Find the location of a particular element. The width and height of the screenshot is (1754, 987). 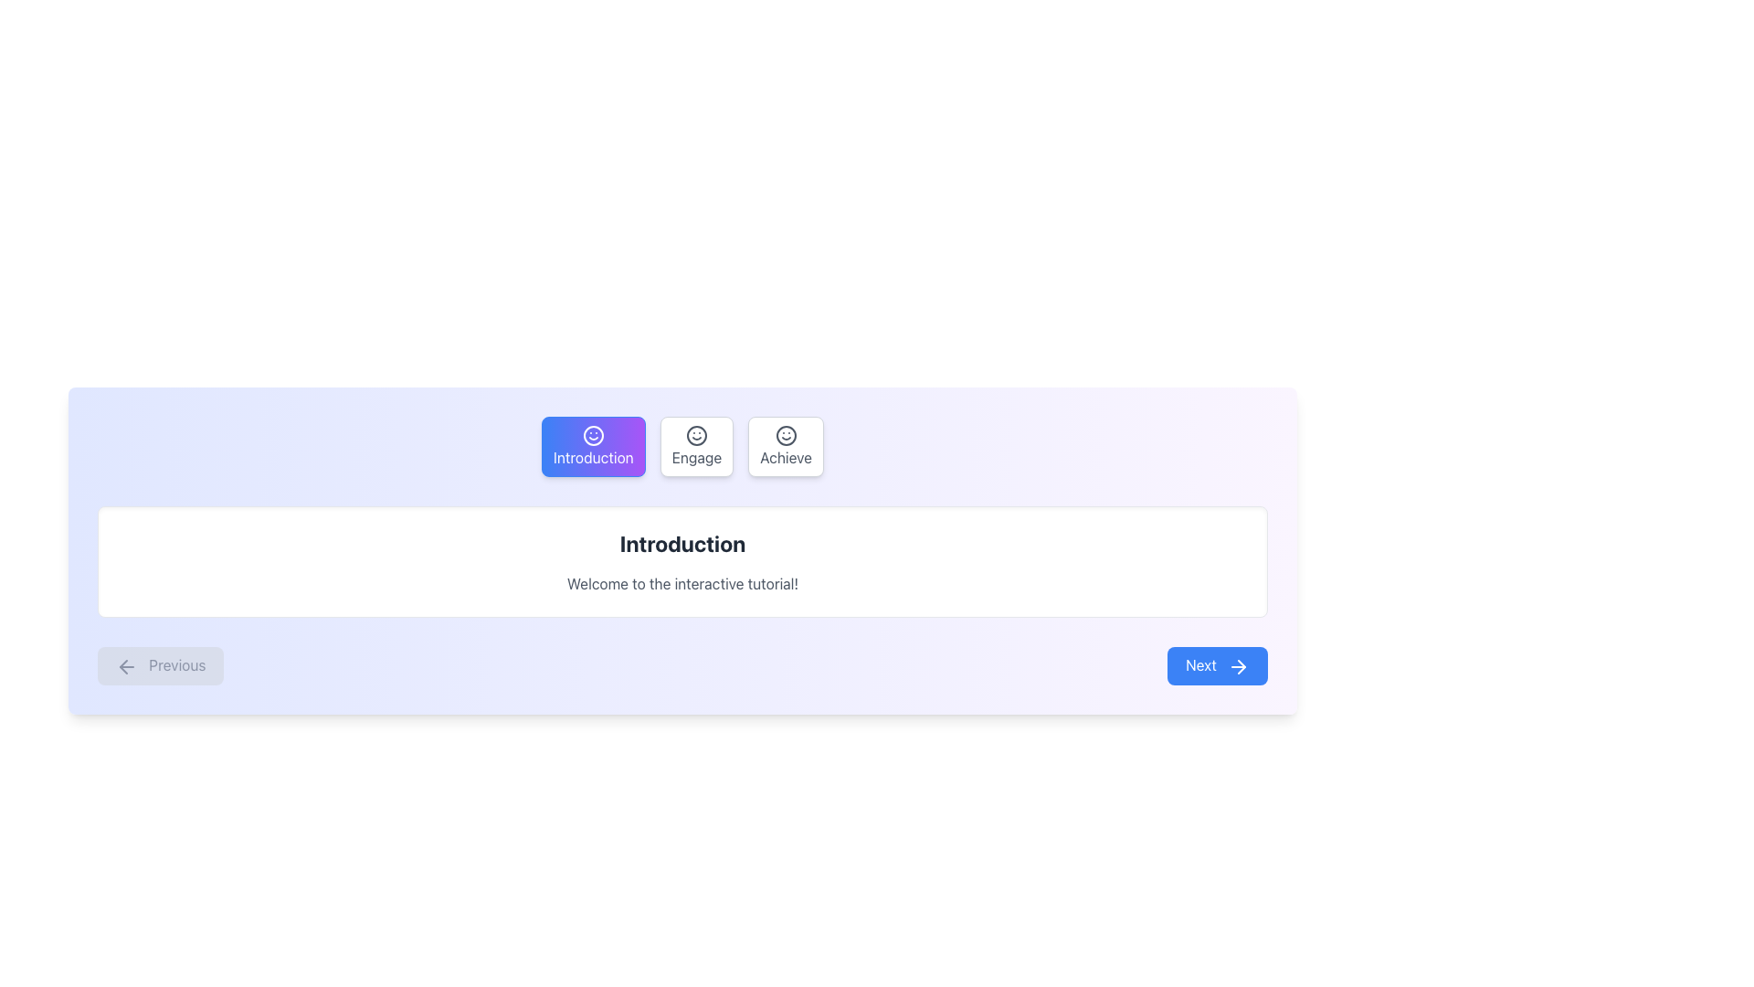

the Decorative smiley face icon within the 'Achieve' button located in the navigation bar is located at coordinates (786, 436).